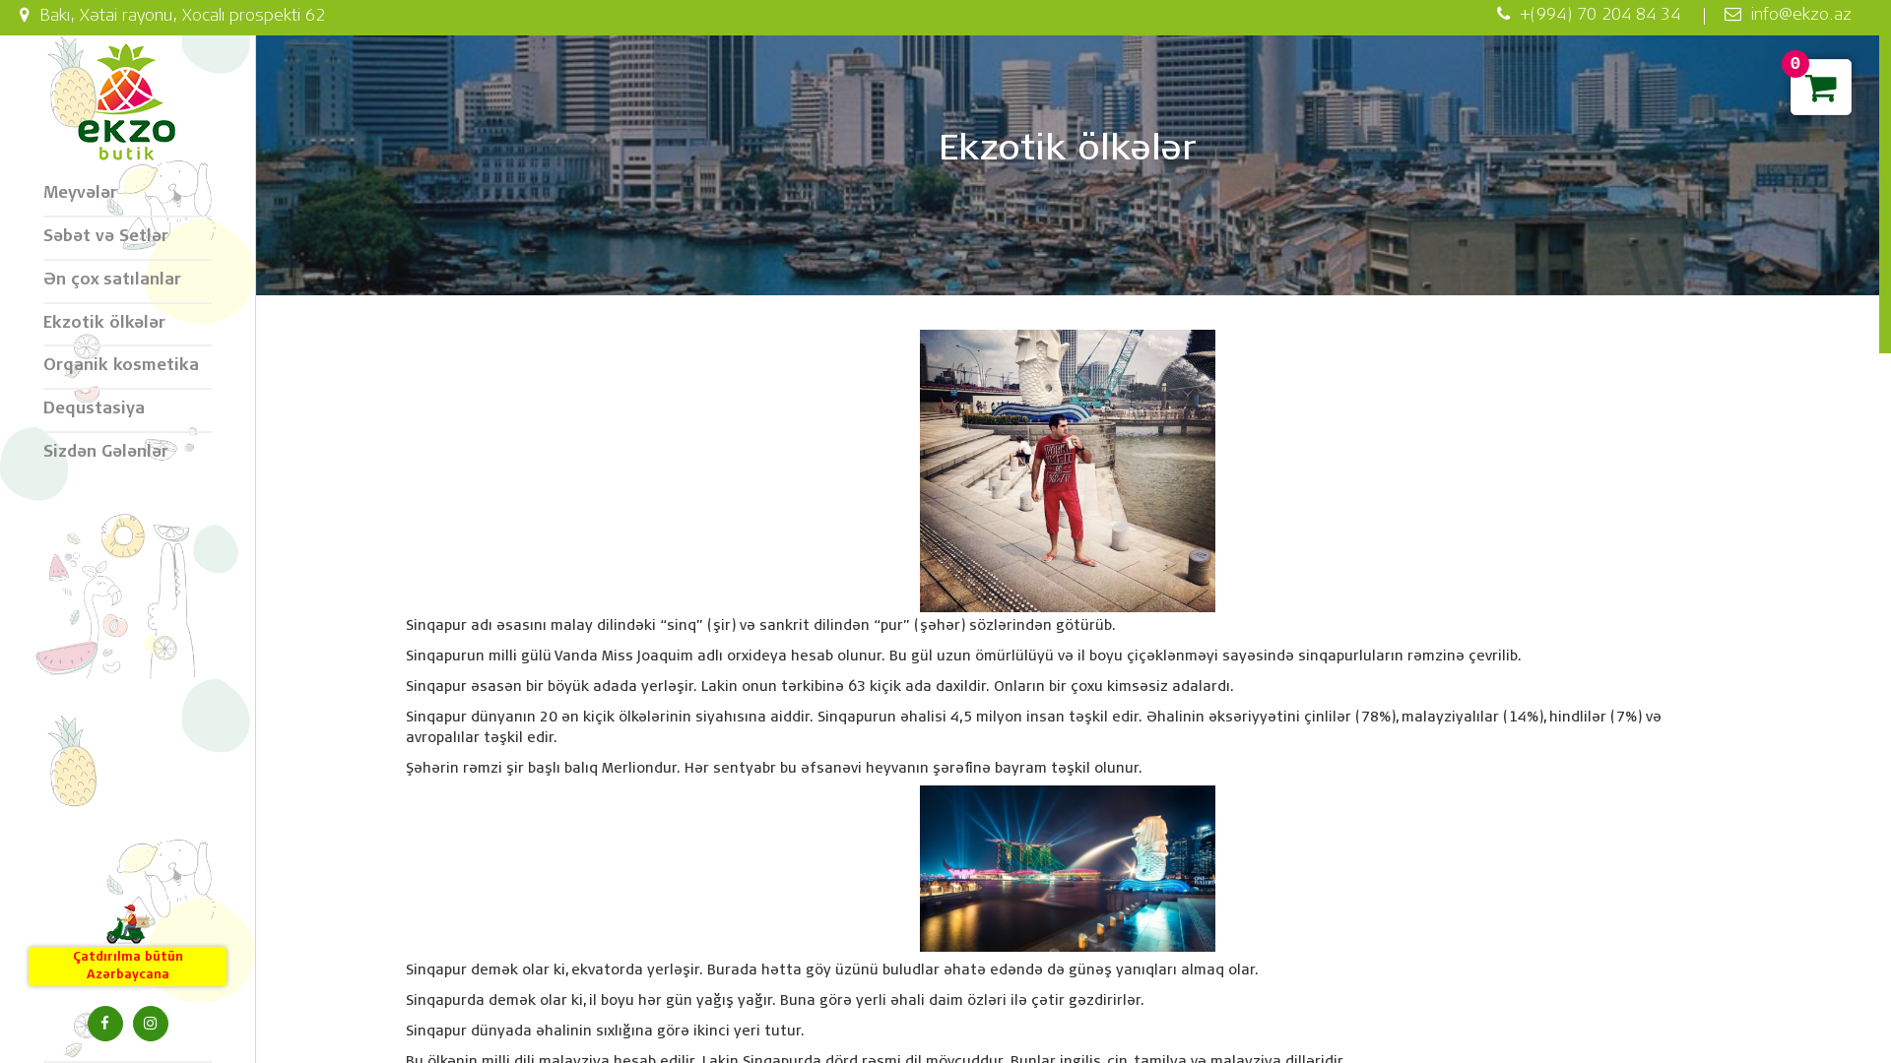  Describe the element at coordinates (1588, 16) in the screenshot. I see `'+(994) 70 204 84 34'` at that location.